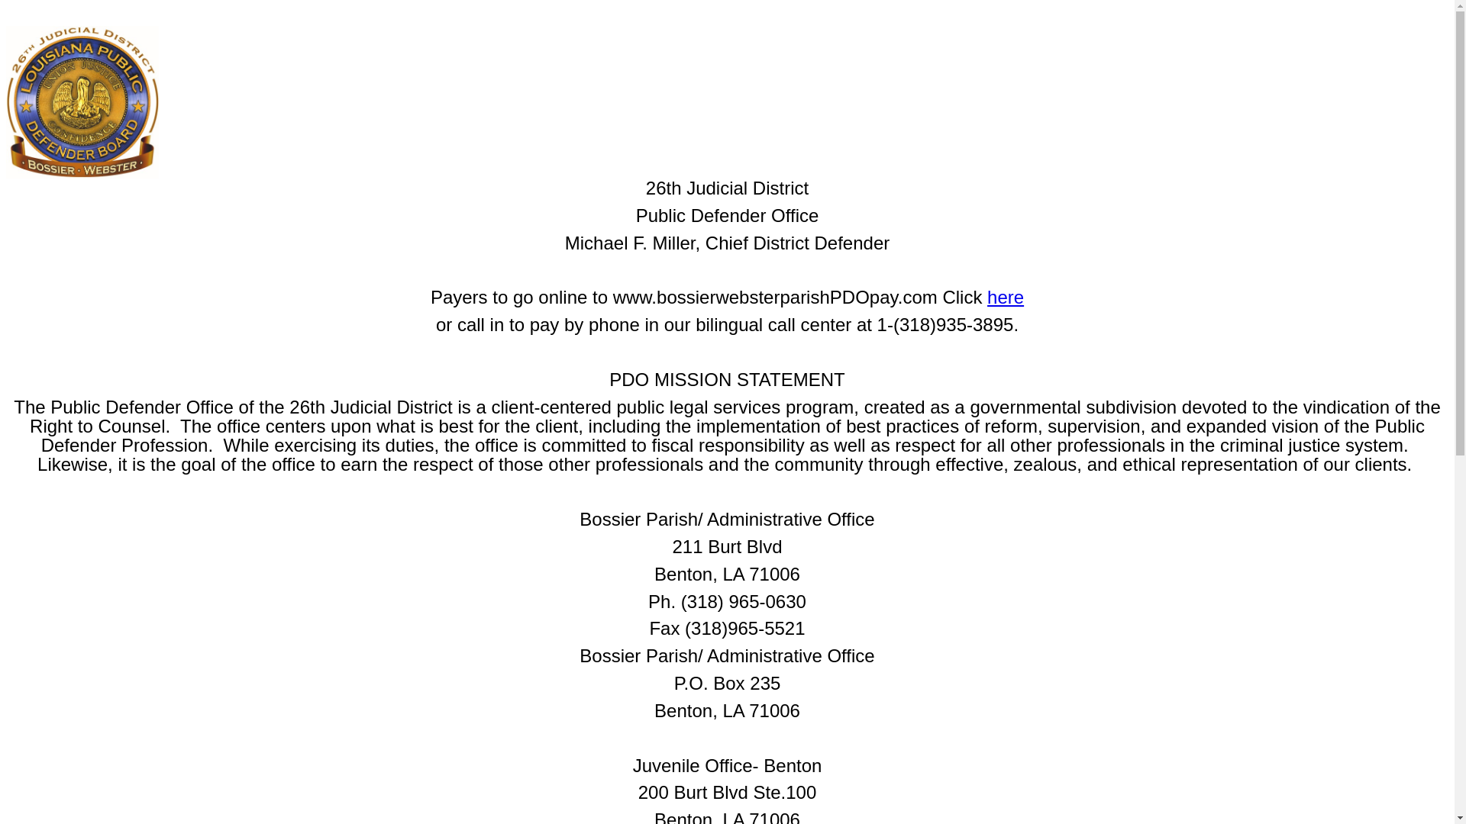 This screenshot has height=824, width=1466. What do you see at coordinates (1005, 297) in the screenshot?
I see `'here'` at bounding box center [1005, 297].